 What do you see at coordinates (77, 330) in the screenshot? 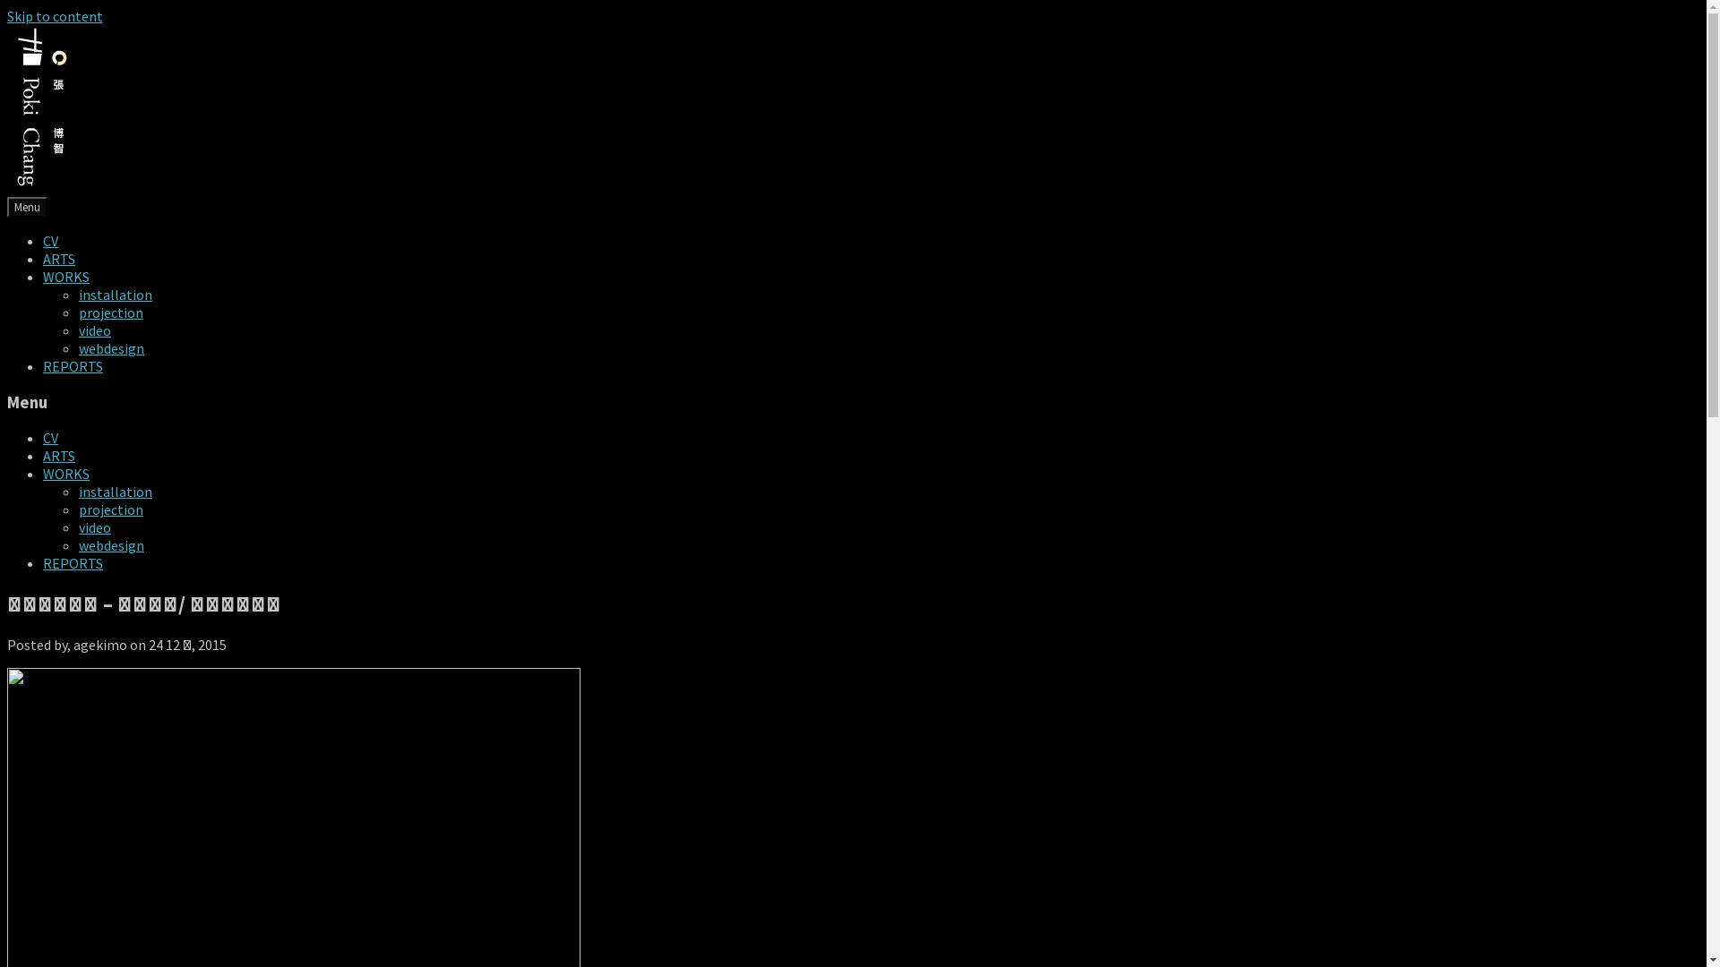
I see `'video'` at bounding box center [77, 330].